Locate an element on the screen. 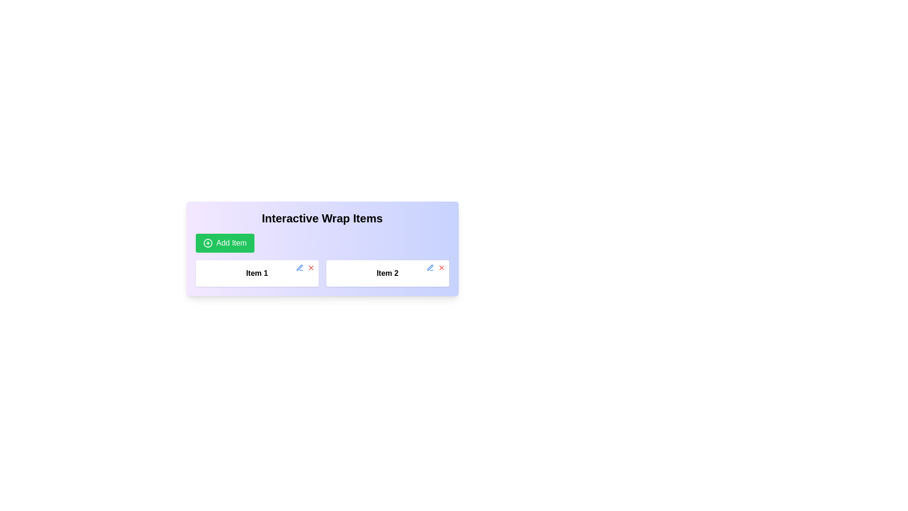  the red 'X' icon button is located at coordinates (441, 268).